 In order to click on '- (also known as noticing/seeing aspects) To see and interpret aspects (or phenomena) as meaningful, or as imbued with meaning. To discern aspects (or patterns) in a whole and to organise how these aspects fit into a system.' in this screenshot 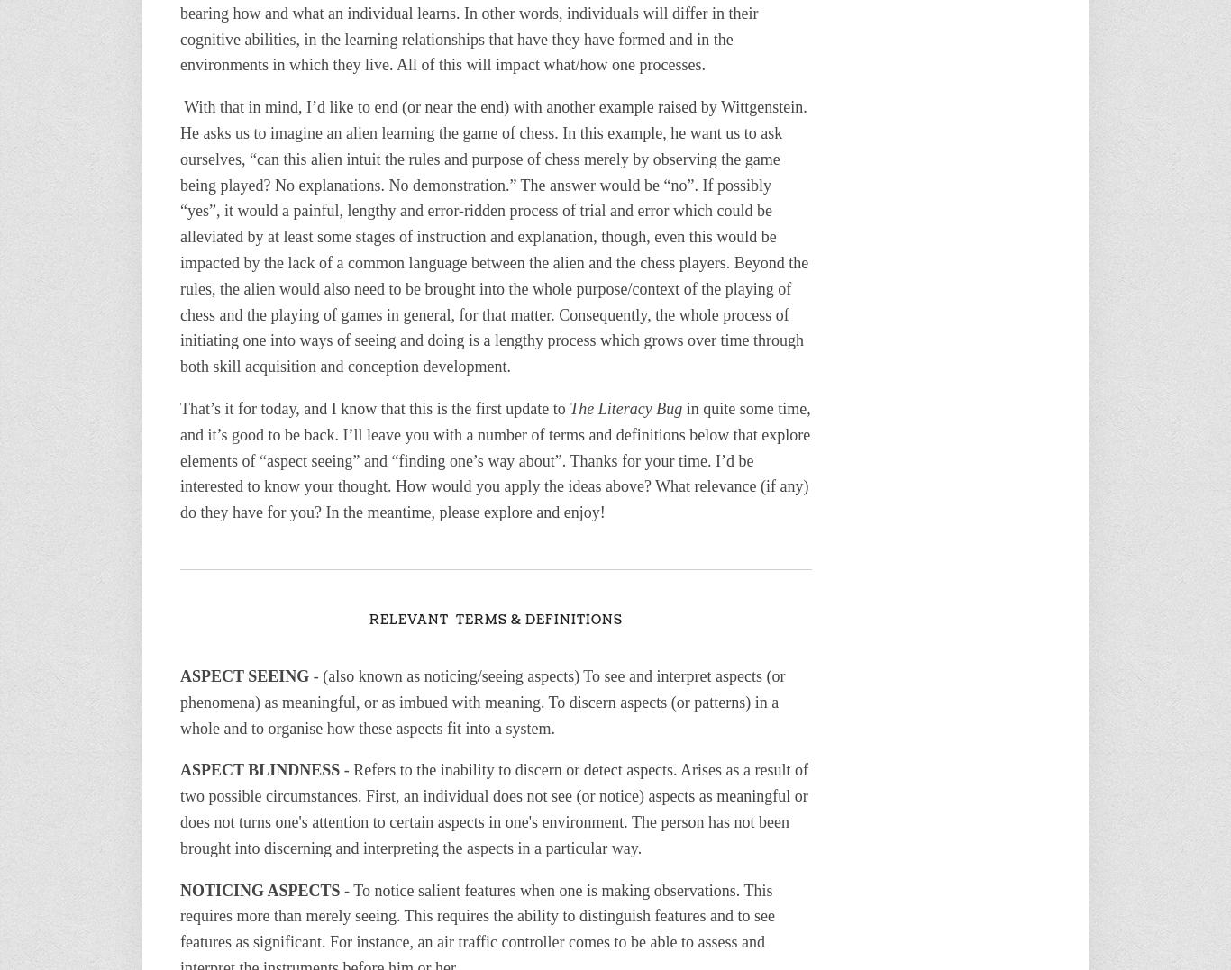, I will do `click(484, 701)`.